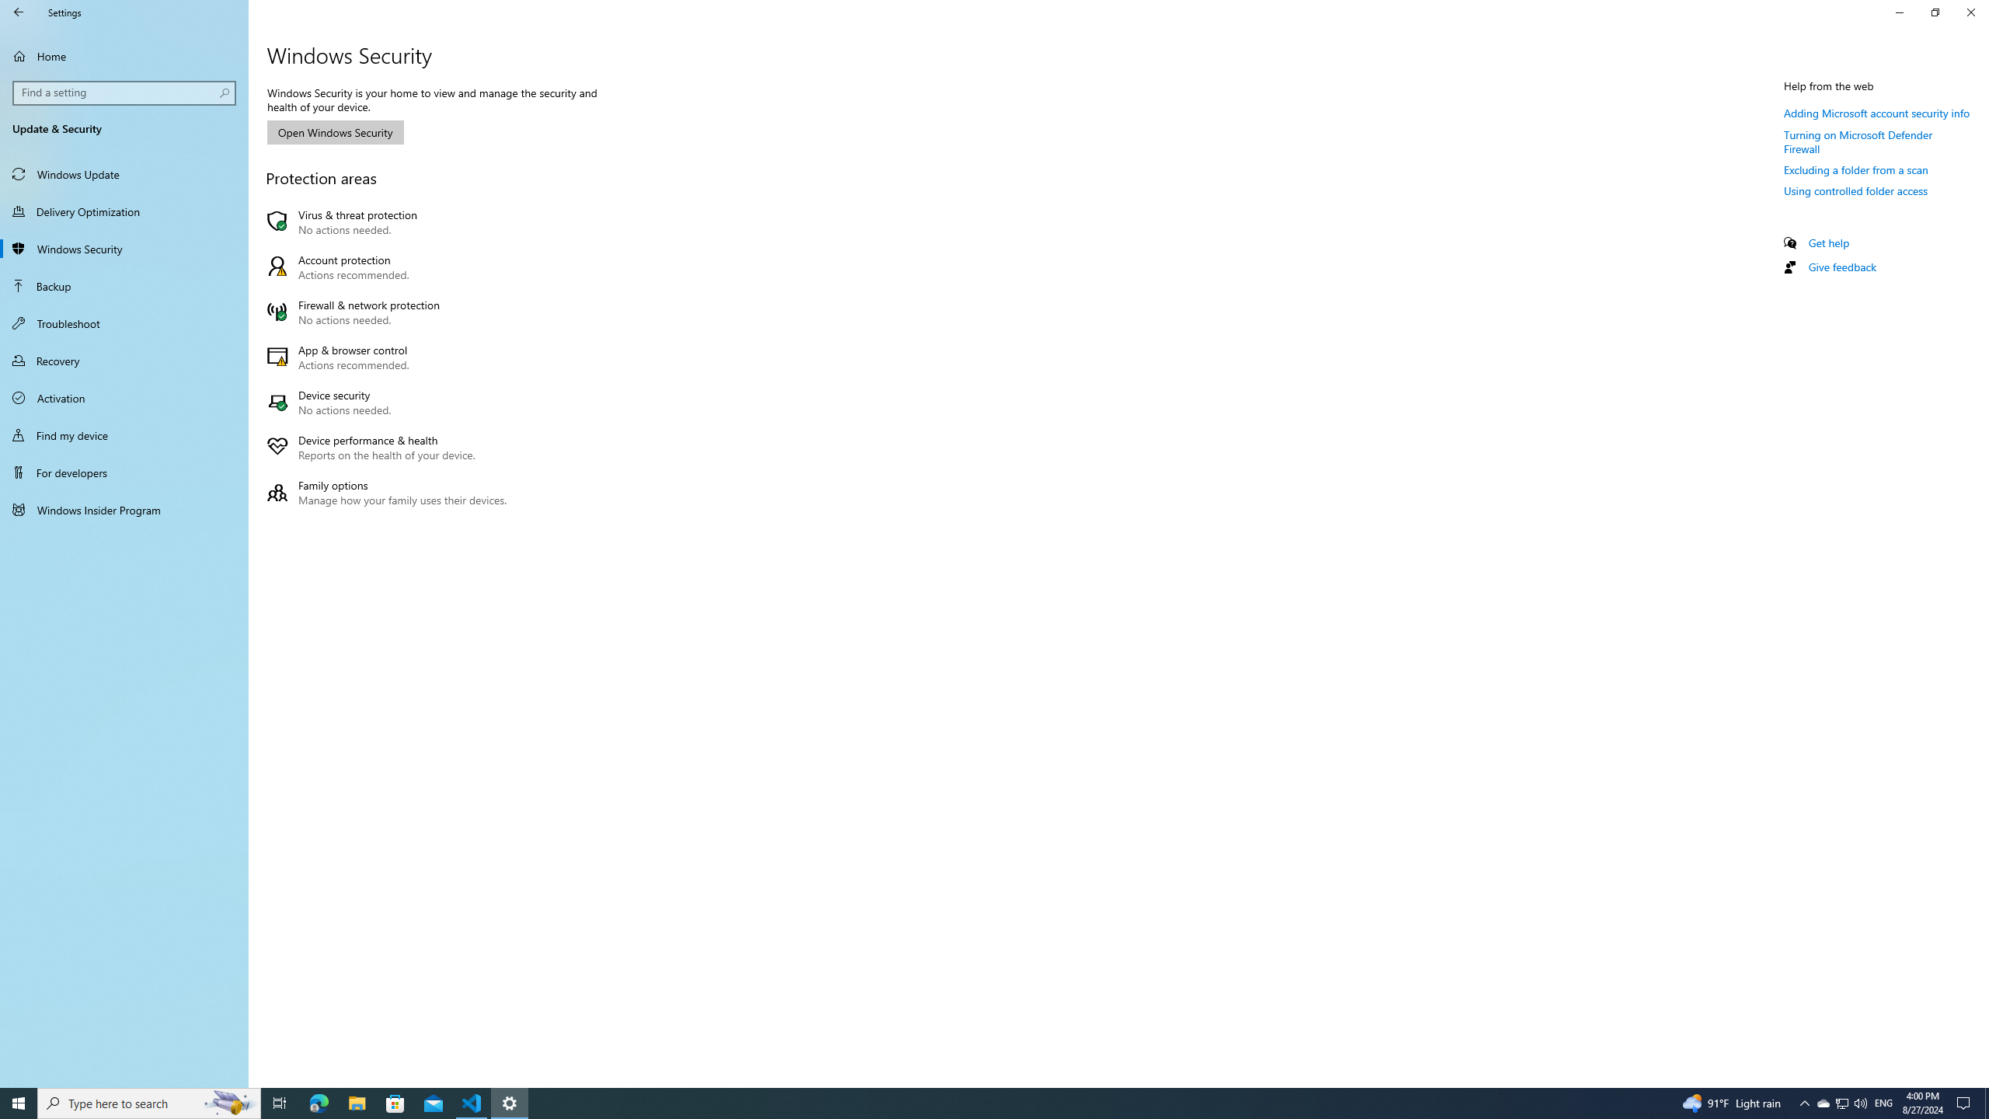  I want to click on 'Search box, Find a setting', so click(124, 92).